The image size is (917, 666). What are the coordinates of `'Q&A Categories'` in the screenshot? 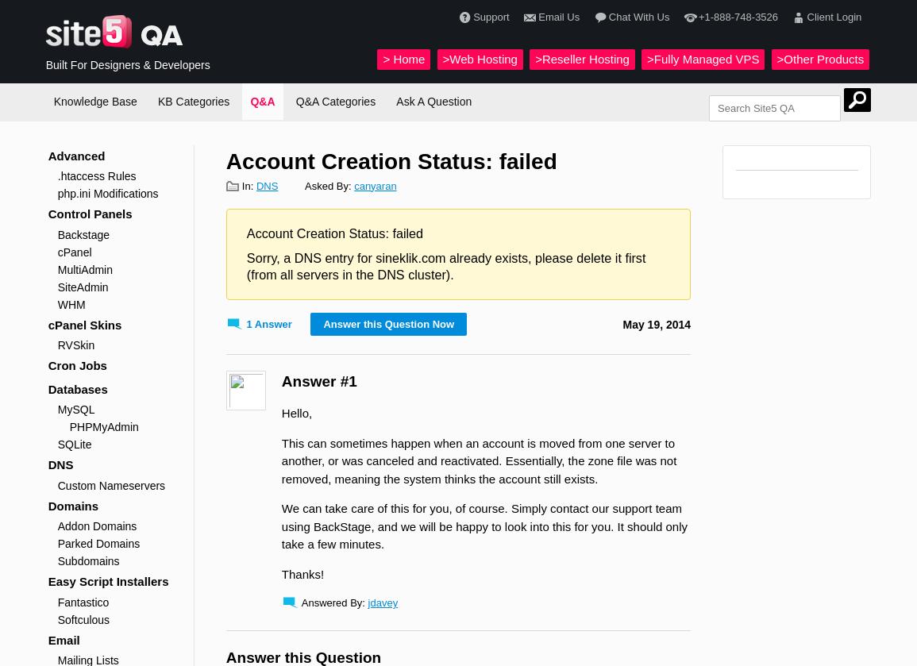 It's located at (335, 101).